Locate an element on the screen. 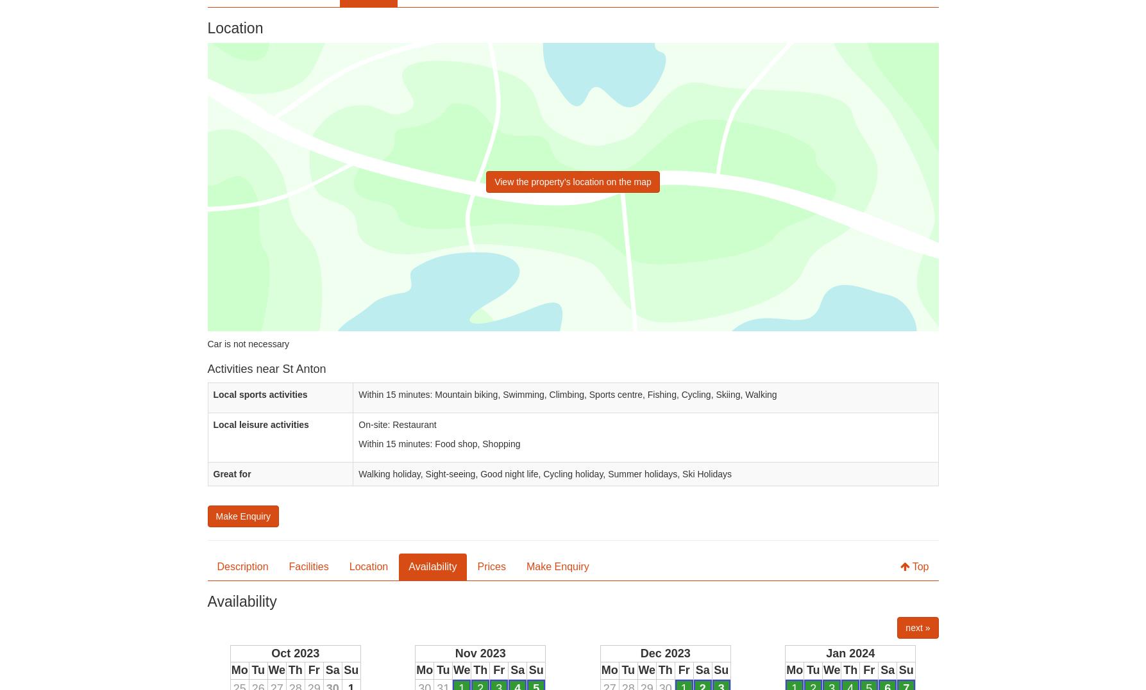 The height and width of the screenshot is (690, 1146). 'Activities near St Anton' is located at coordinates (266, 368).